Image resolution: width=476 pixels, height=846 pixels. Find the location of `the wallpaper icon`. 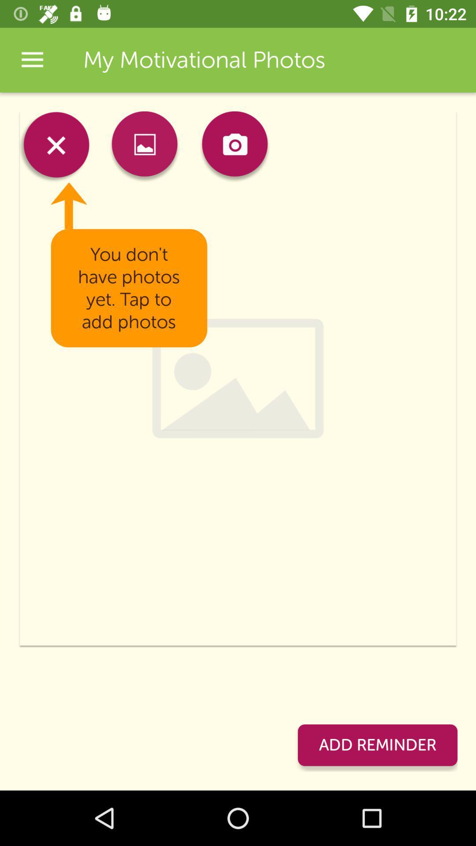

the wallpaper icon is located at coordinates (144, 147).